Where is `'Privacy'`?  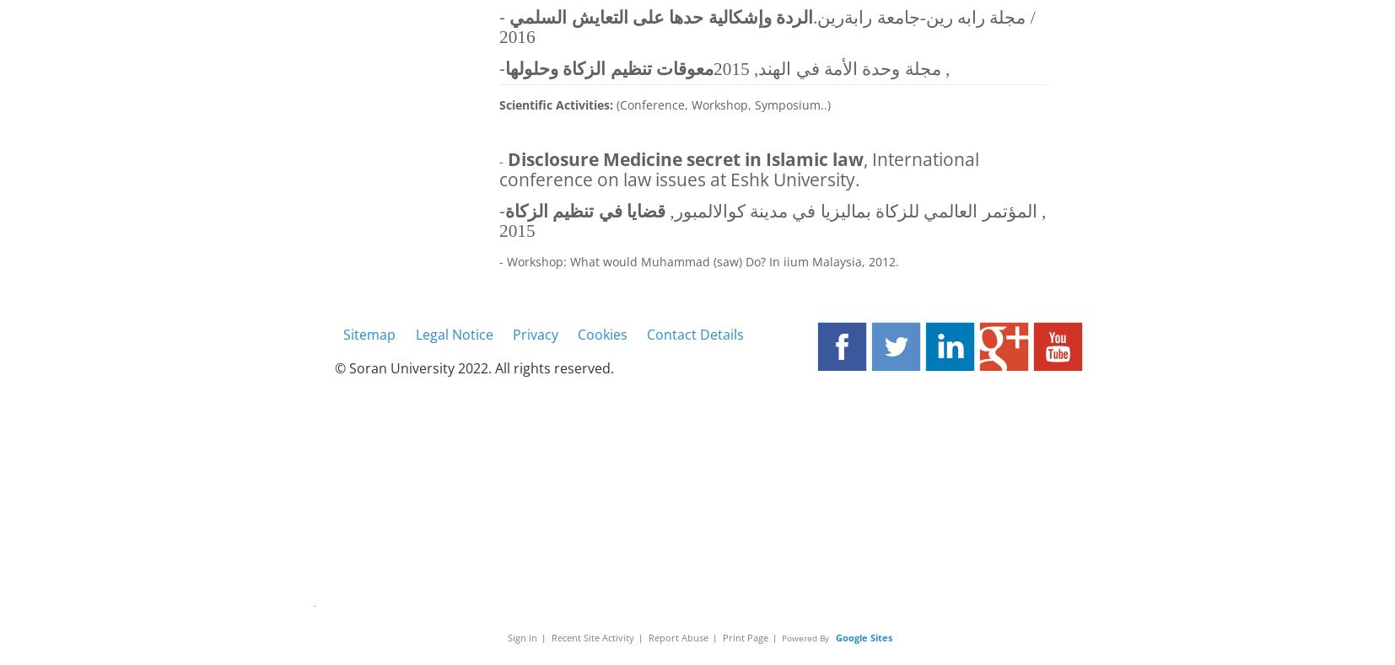 'Privacy' is located at coordinates (535, 333).